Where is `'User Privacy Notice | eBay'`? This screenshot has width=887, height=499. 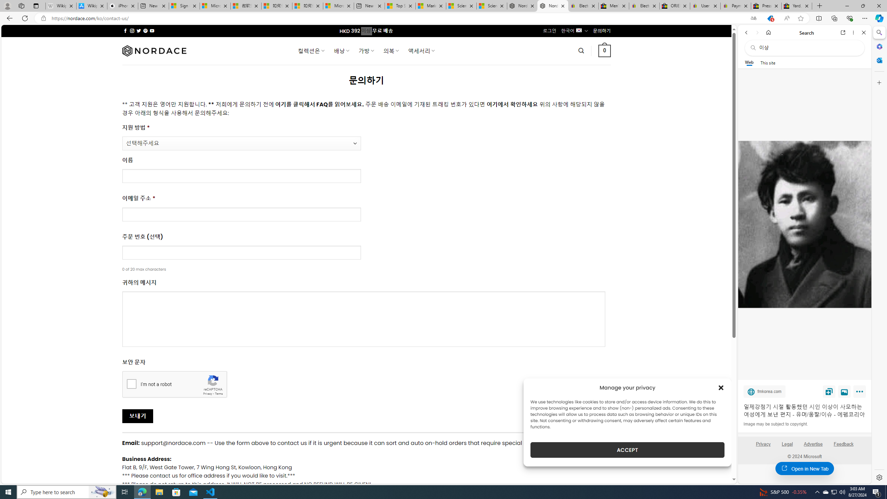 'User Privacy Notice | eBay' is located at coordinates (705, 6).